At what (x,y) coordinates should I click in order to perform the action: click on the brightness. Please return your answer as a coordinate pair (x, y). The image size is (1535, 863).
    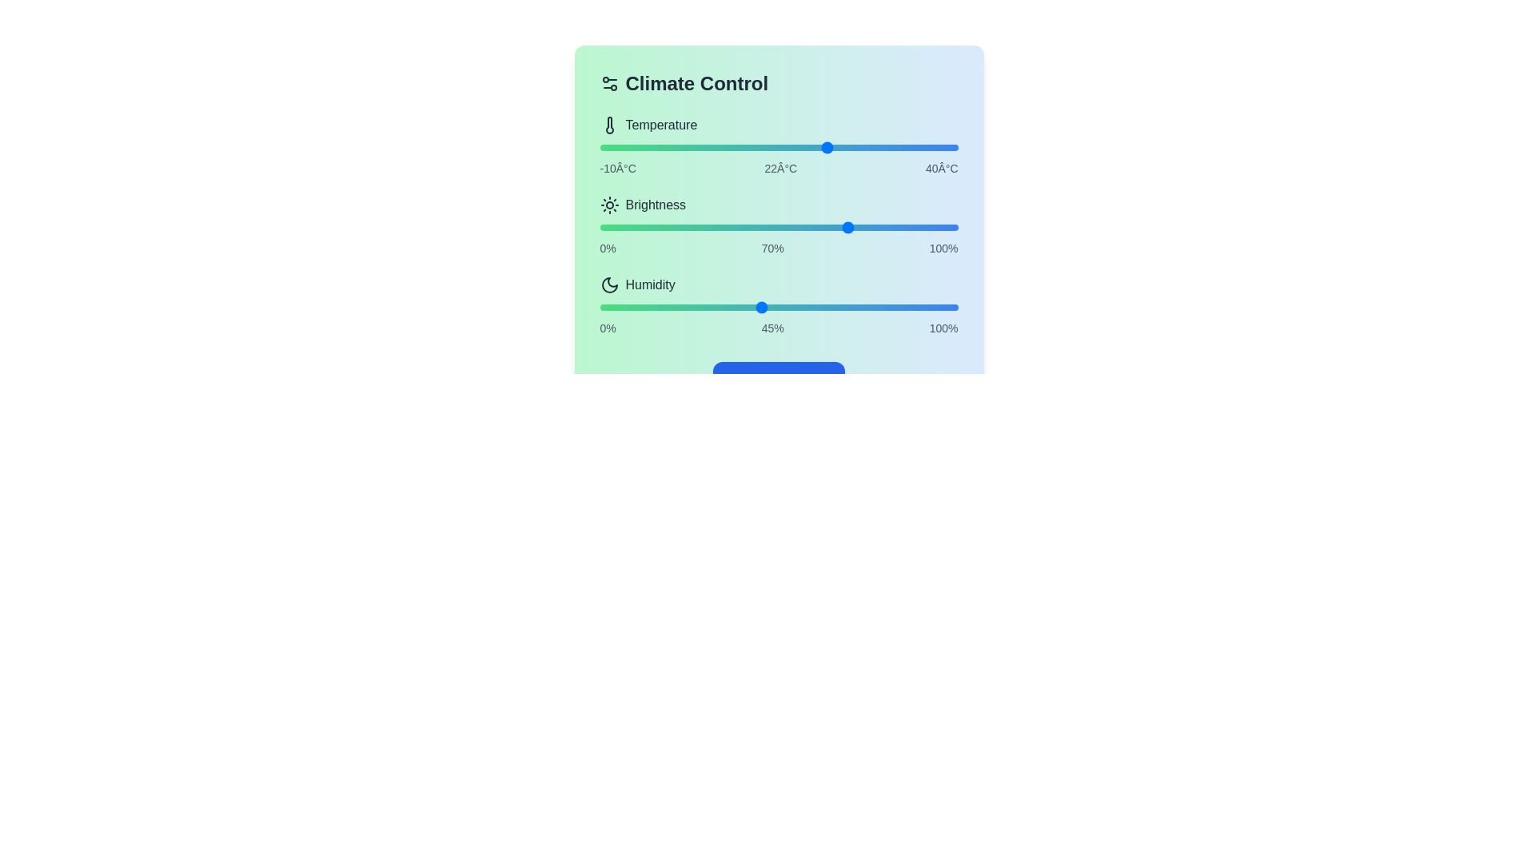
    Looking at the image, I should click on (613, 228).